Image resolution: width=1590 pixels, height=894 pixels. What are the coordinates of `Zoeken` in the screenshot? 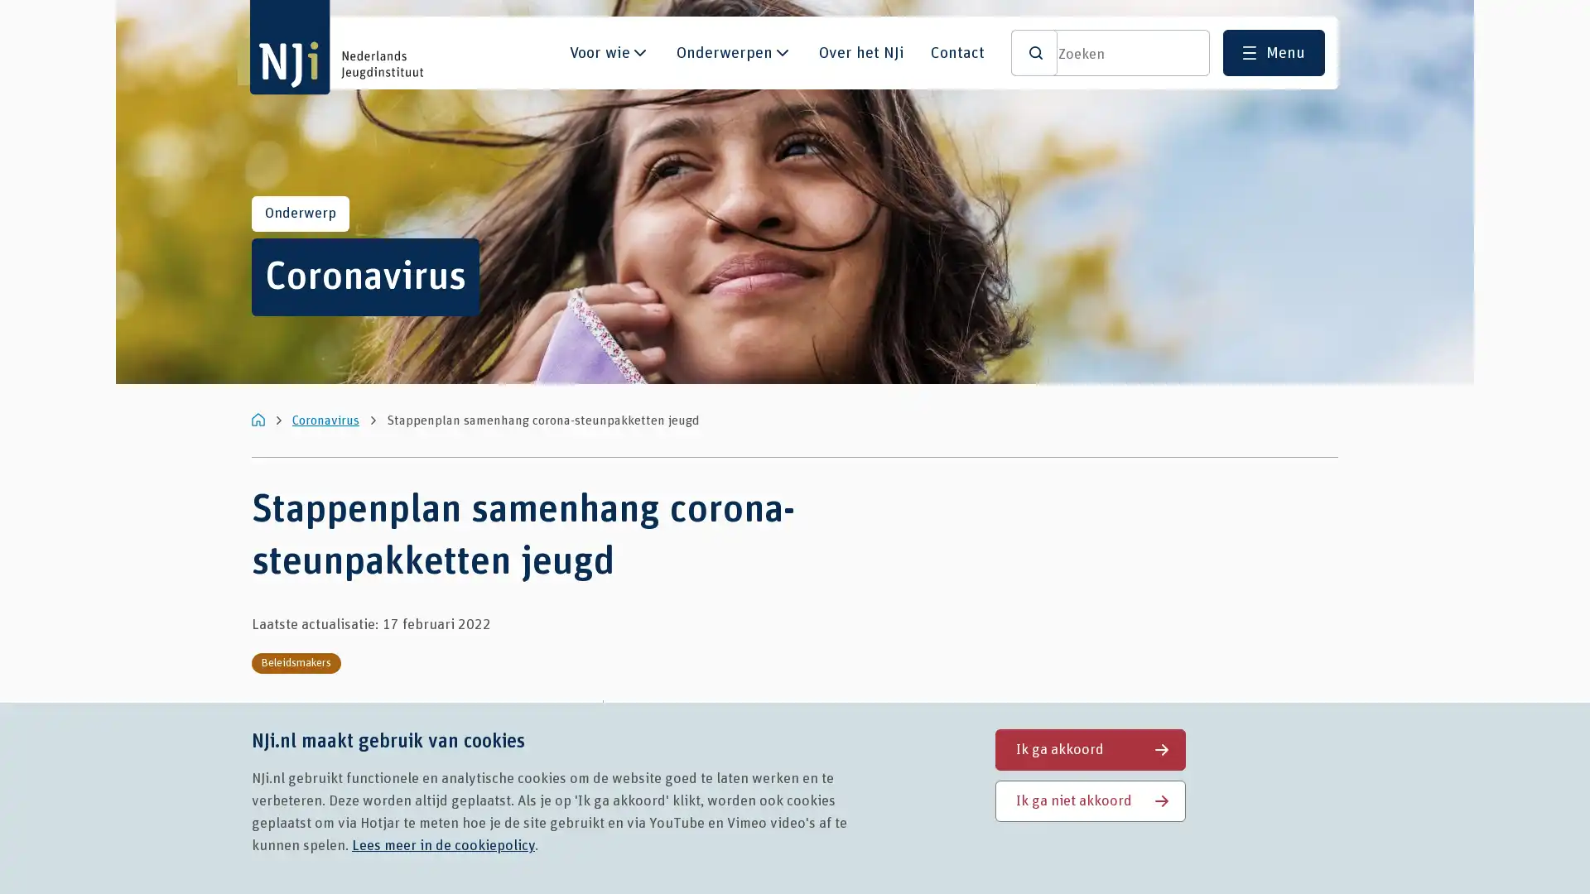 It's located at (1033, 52).